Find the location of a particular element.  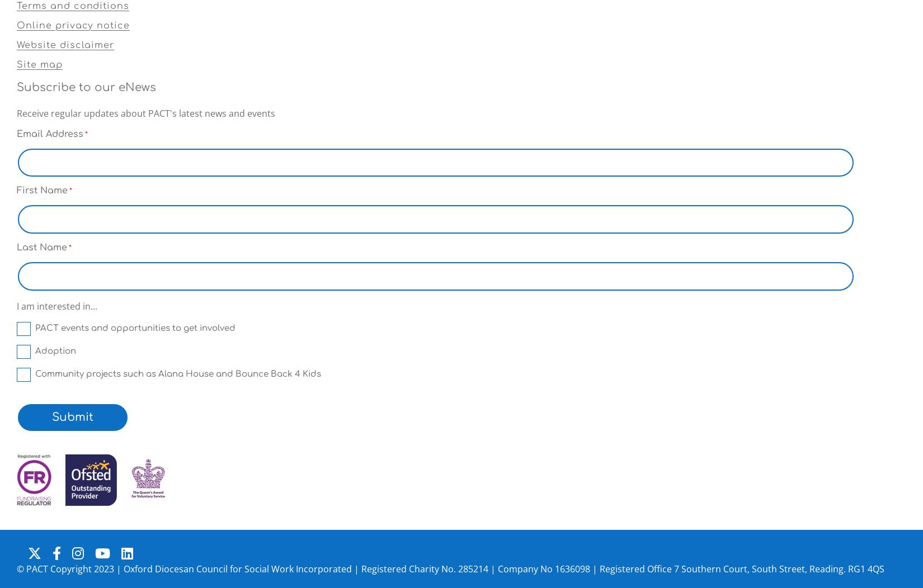

'Adoption' is located at coordinates (35, 351).